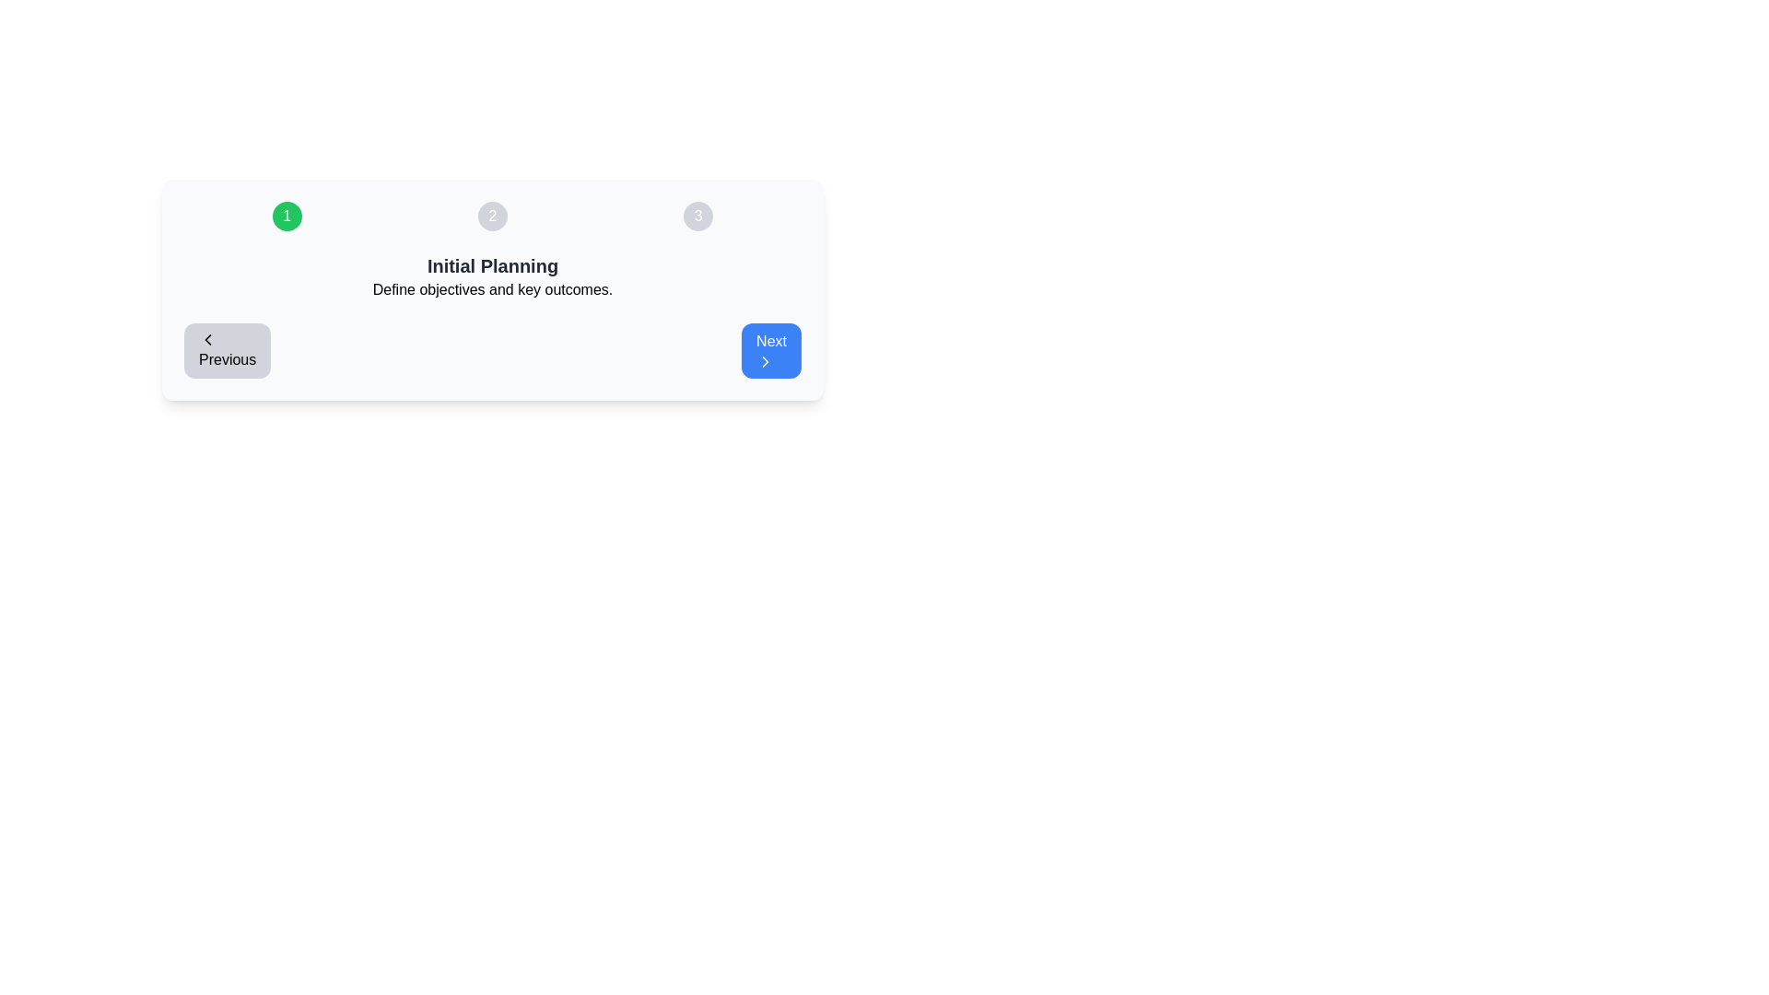  Describe the element at coordinates (286, 216) in the screenshot. I see `the Circular indicator button, which is the leftmost button in a horizontal sequence of three circular buttons, associated with the number '1'` at that location.